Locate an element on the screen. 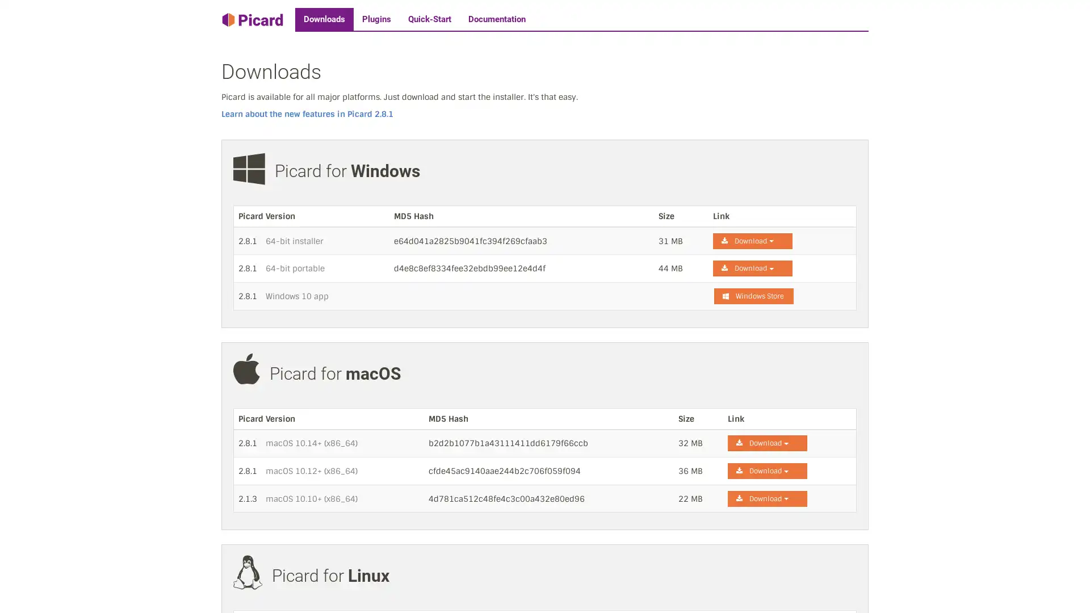 The image size is (1090, 613). Download is located at coordinates (768, 471).